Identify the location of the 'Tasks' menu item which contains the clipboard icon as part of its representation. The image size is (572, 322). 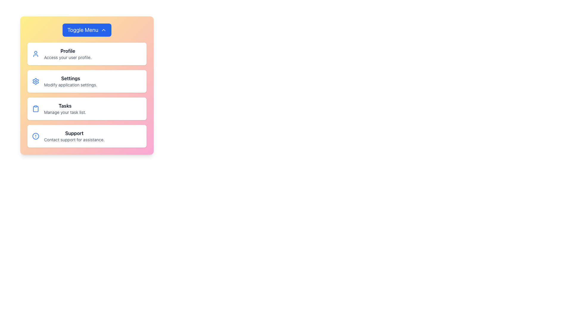
(35, 109).